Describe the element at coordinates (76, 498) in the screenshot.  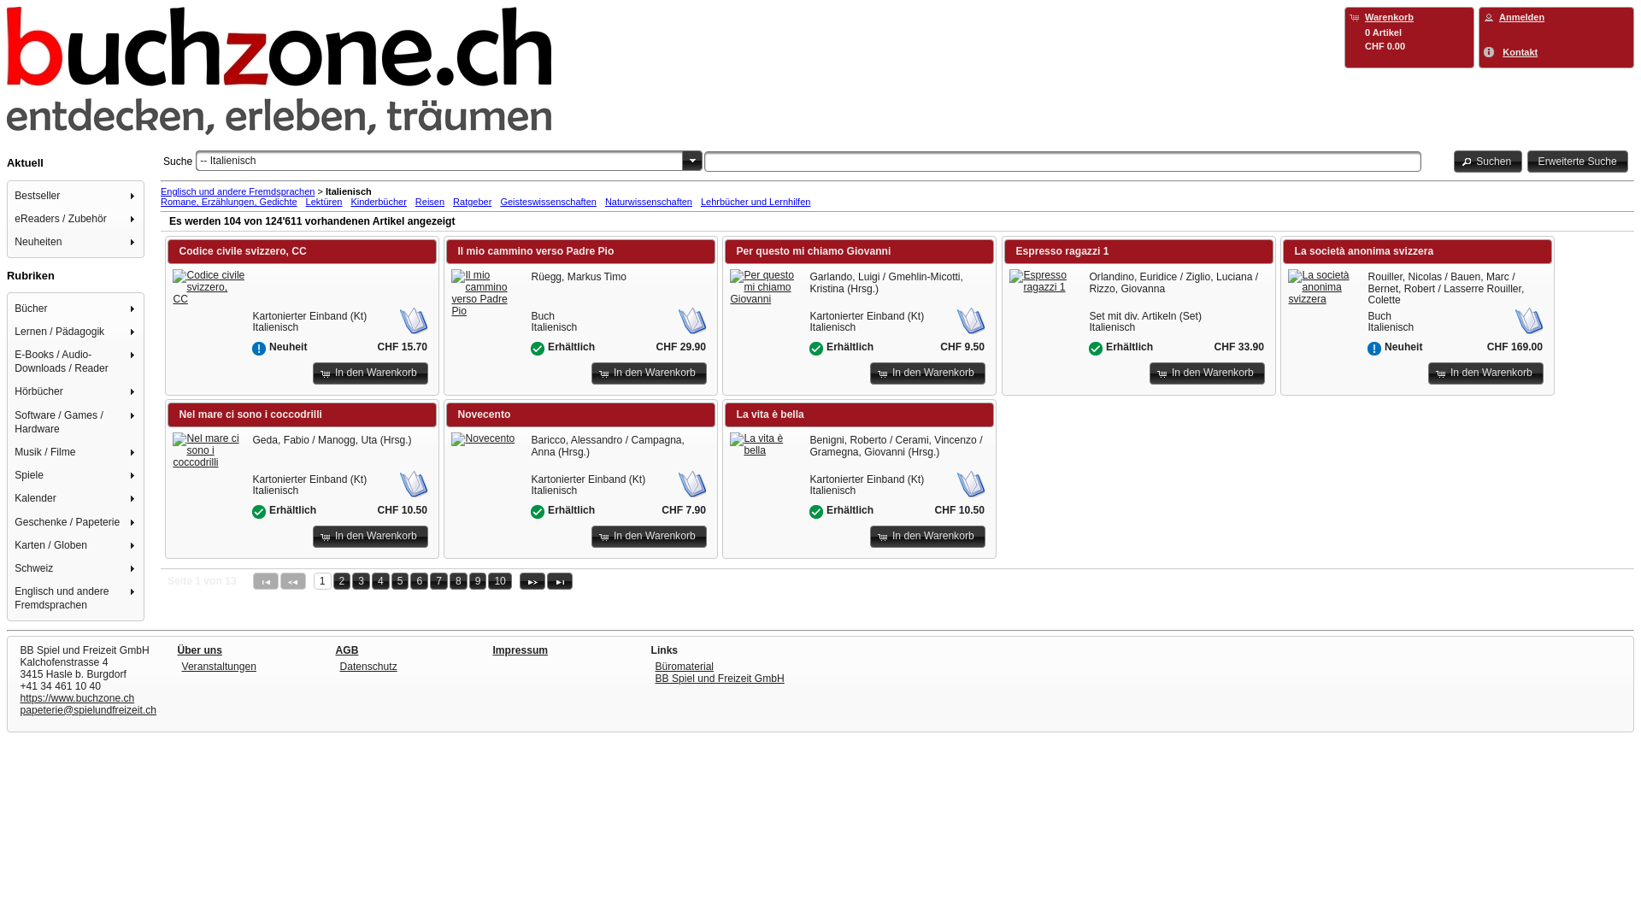
I see `'Kalender'` at that location.